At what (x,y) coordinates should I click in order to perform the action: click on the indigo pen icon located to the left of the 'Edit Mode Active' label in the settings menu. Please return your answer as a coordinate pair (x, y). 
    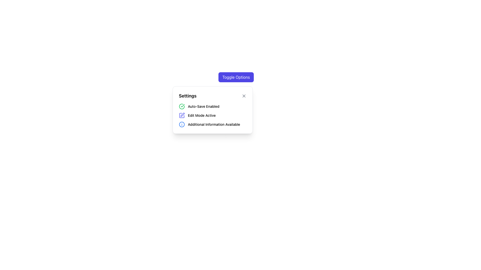
    Looking at the image, I should click on (181, 115).